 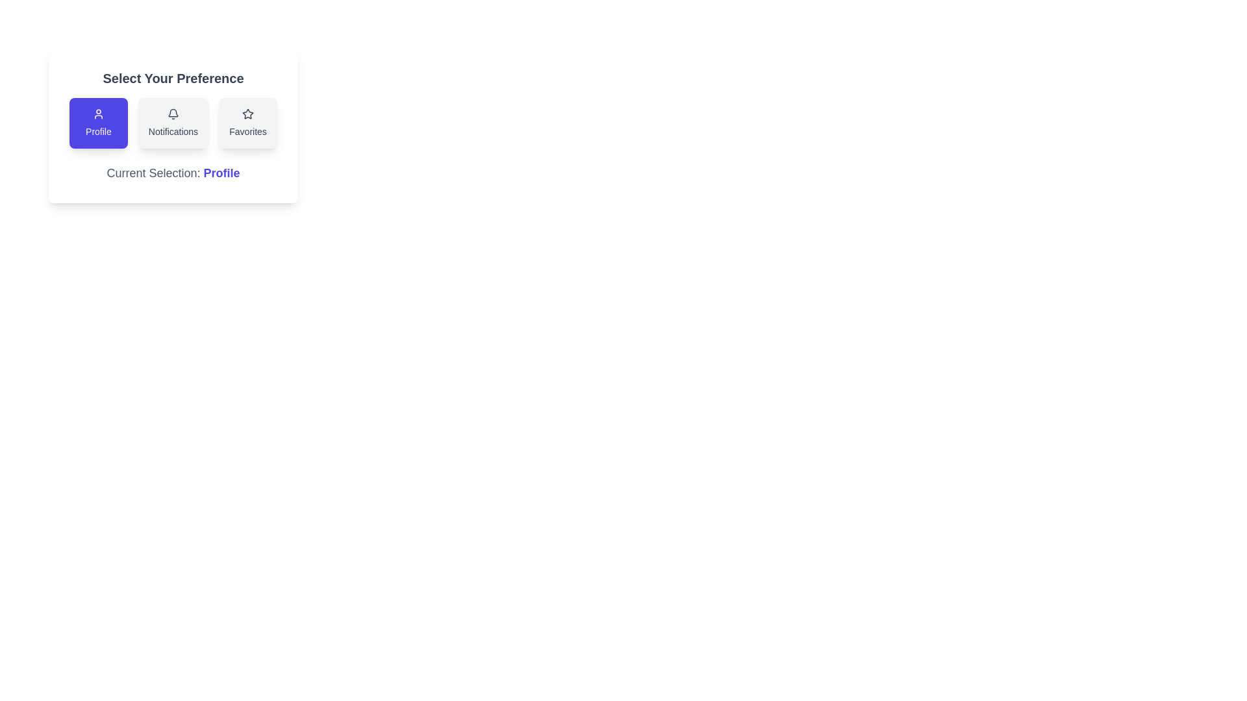 I want to click on 'Profile' label located within the purple button on the far left of the horizontal button group, which is below the user icon and is the first button next to 'Notifications' and 'Favorites', so click(x=97, y=132).